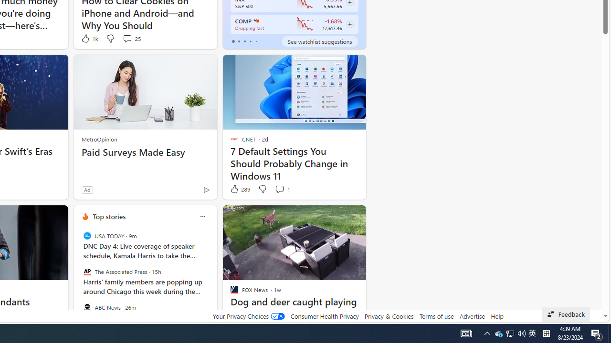 The width and height of the screenshot is (611, 343). Describe the element at coordinates (240, 189) in the screenshot. I see `'289 Like'` at that location.